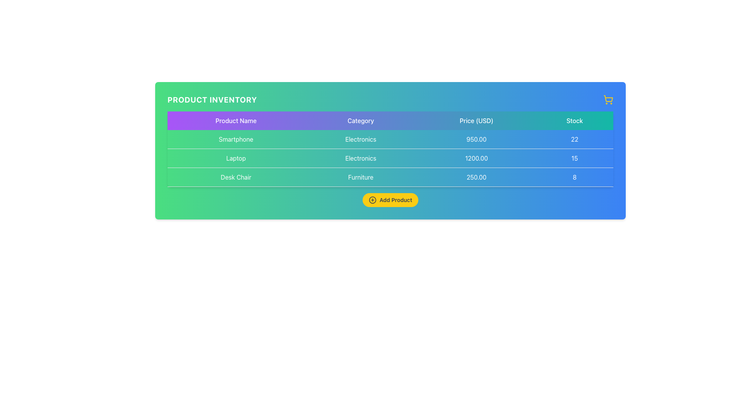 This screenshot has width=743, height=418. What do you see at coordinates (390, 177) in the screenshot?
I see `the third row in the product table displaying information for 'Desk Chair'` at bounding box center [390, 177].